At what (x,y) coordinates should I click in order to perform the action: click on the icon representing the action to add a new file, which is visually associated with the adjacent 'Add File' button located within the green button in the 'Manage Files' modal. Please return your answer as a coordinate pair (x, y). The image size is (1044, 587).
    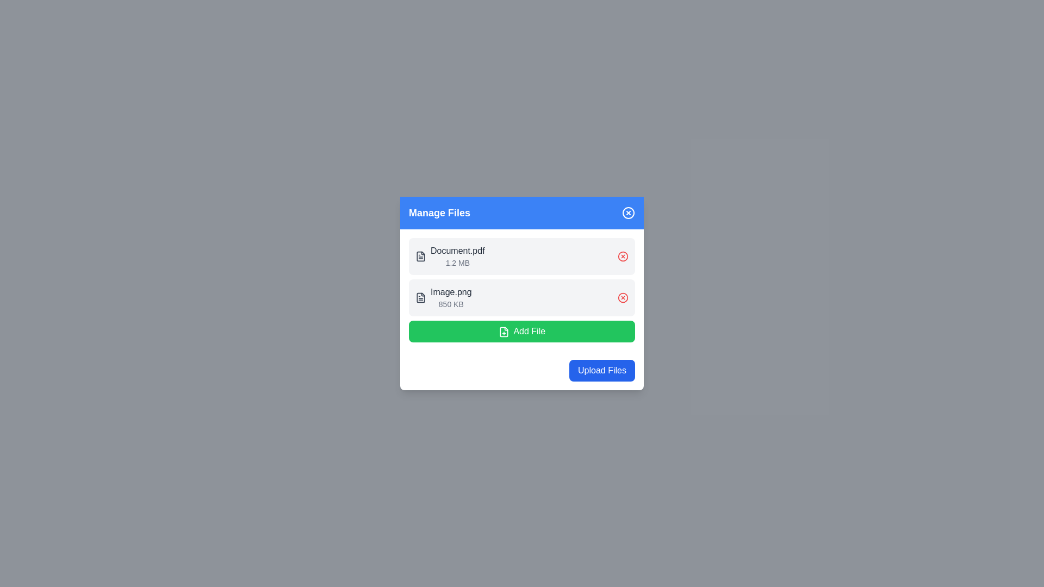
    Looking at the image, I should click on (503, 331).